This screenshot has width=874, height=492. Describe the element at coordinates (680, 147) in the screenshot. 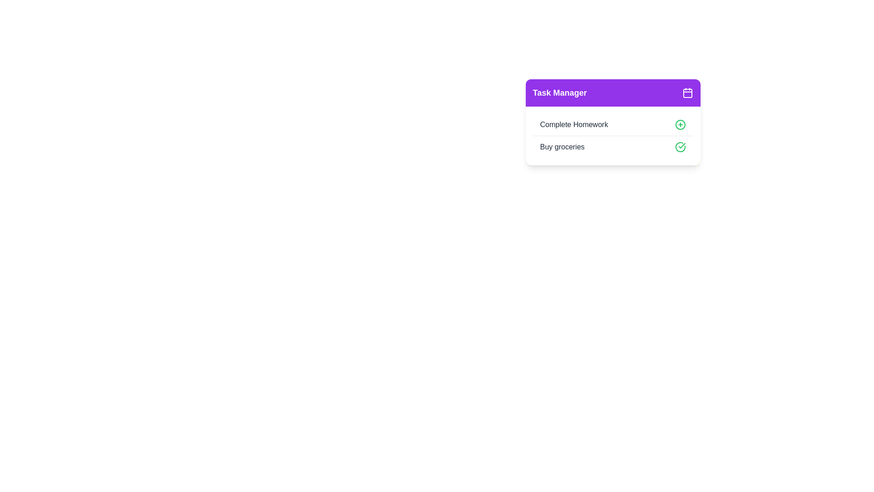

I see `the Status icon, which is a circular green icon with a checkmark, located at the far-right side of the row containing 'Buy groceries'` at that location.